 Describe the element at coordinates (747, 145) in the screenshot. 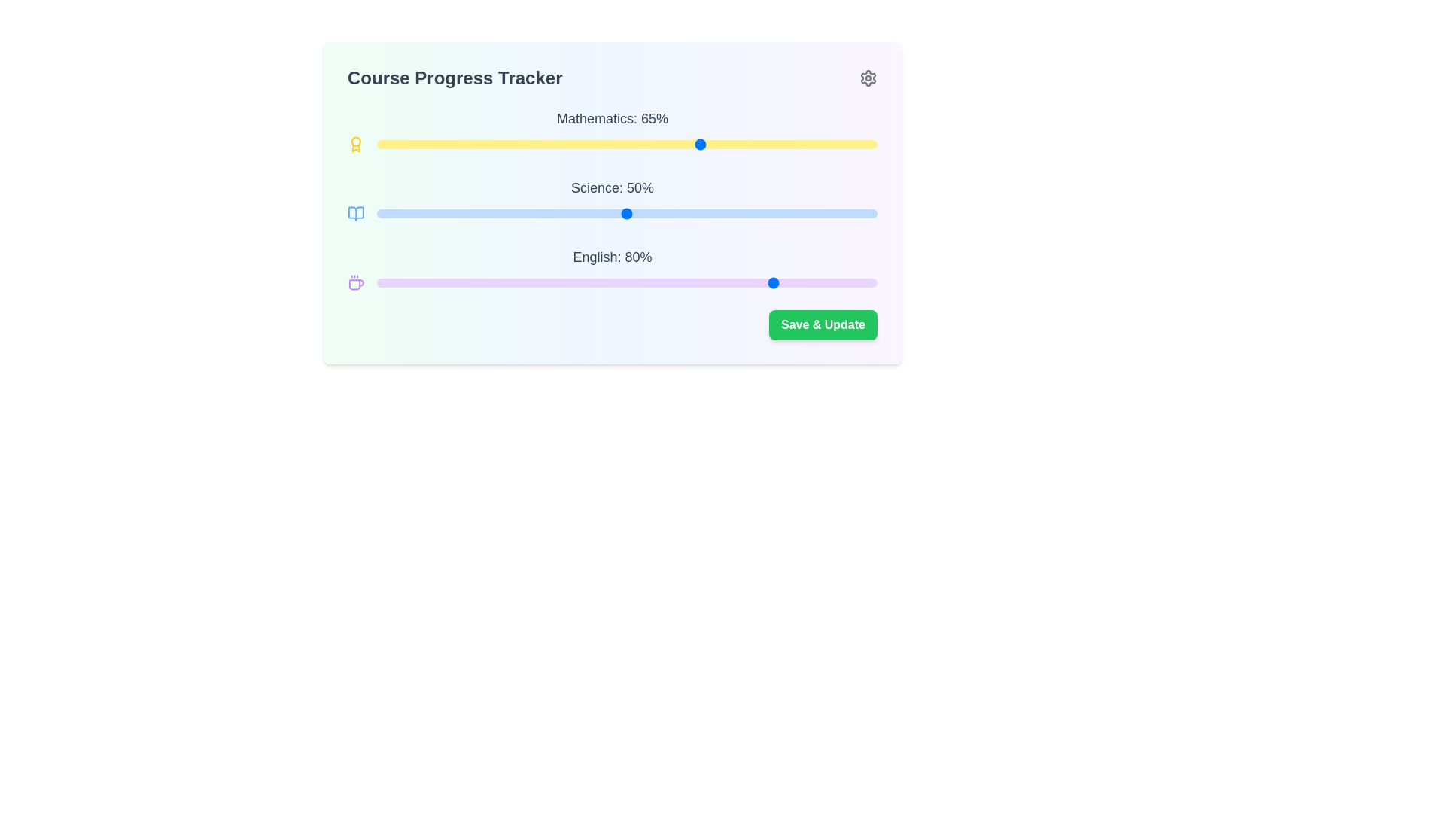

I see `the progress of Mathematics` at that location.